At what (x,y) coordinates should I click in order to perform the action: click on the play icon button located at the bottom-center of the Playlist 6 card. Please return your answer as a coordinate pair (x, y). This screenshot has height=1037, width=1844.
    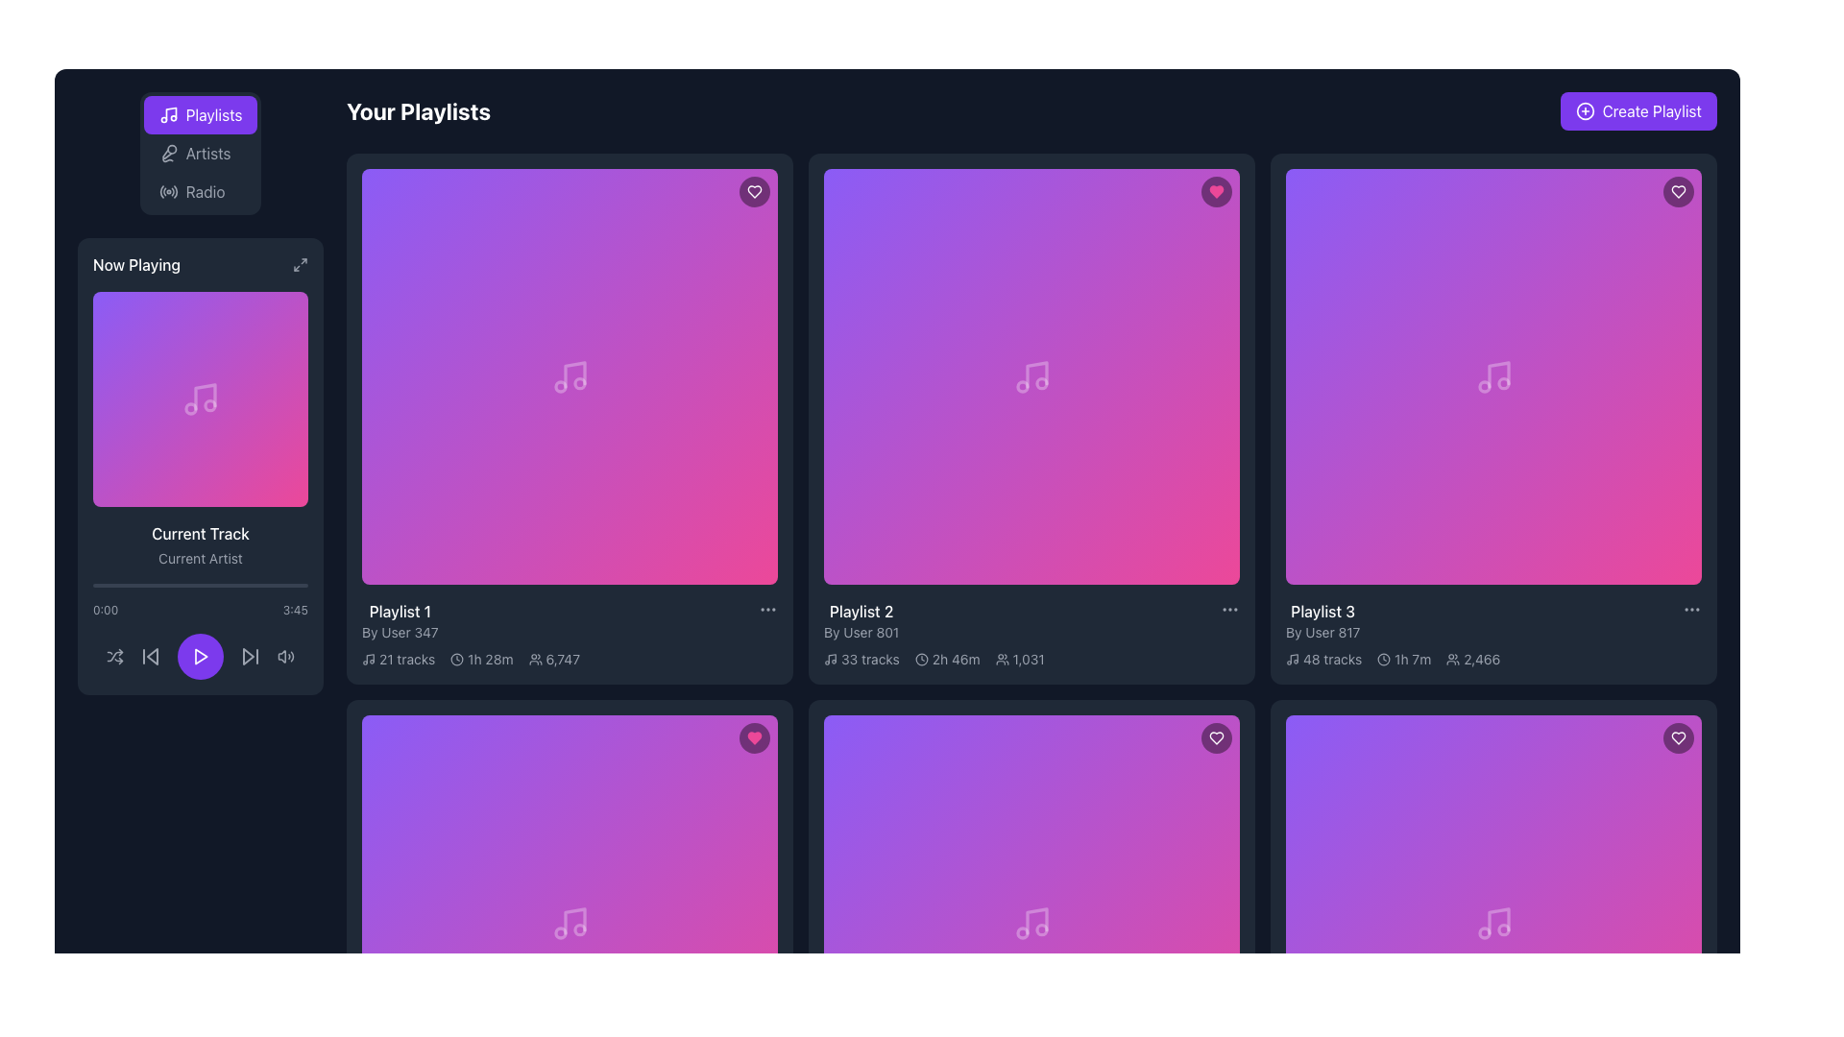
    Looking at the image, I should click on (1031, 922).